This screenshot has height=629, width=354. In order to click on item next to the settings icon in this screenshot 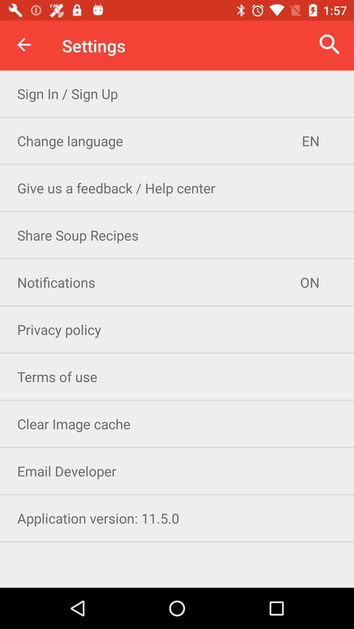, I will do `click(330, 44)`.